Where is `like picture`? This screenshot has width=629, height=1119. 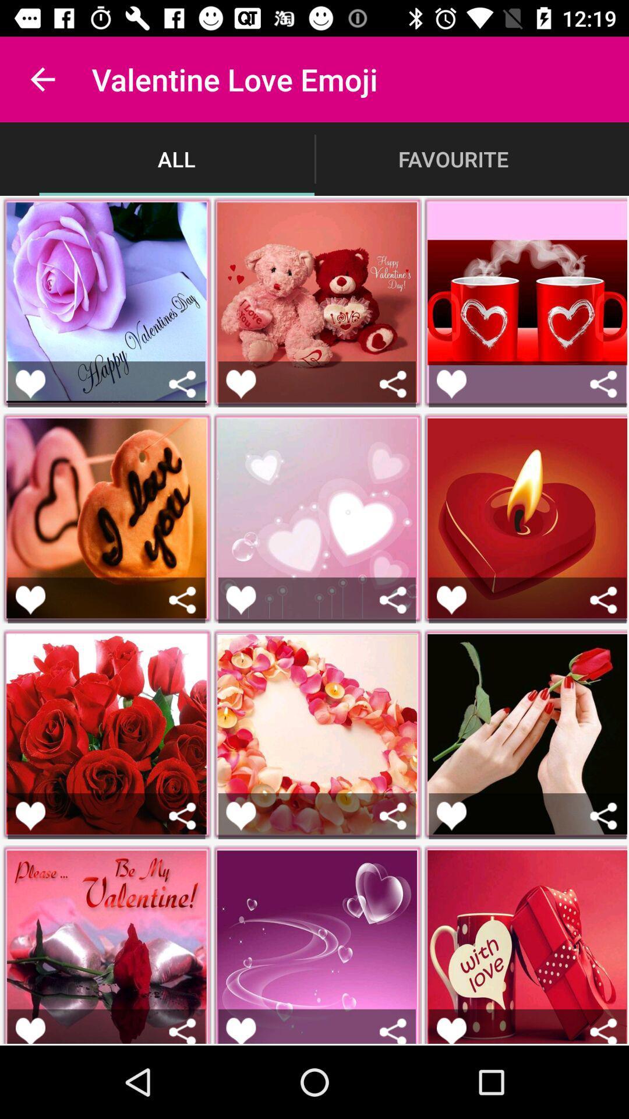
like picture is located at coordinates (30, 1030).